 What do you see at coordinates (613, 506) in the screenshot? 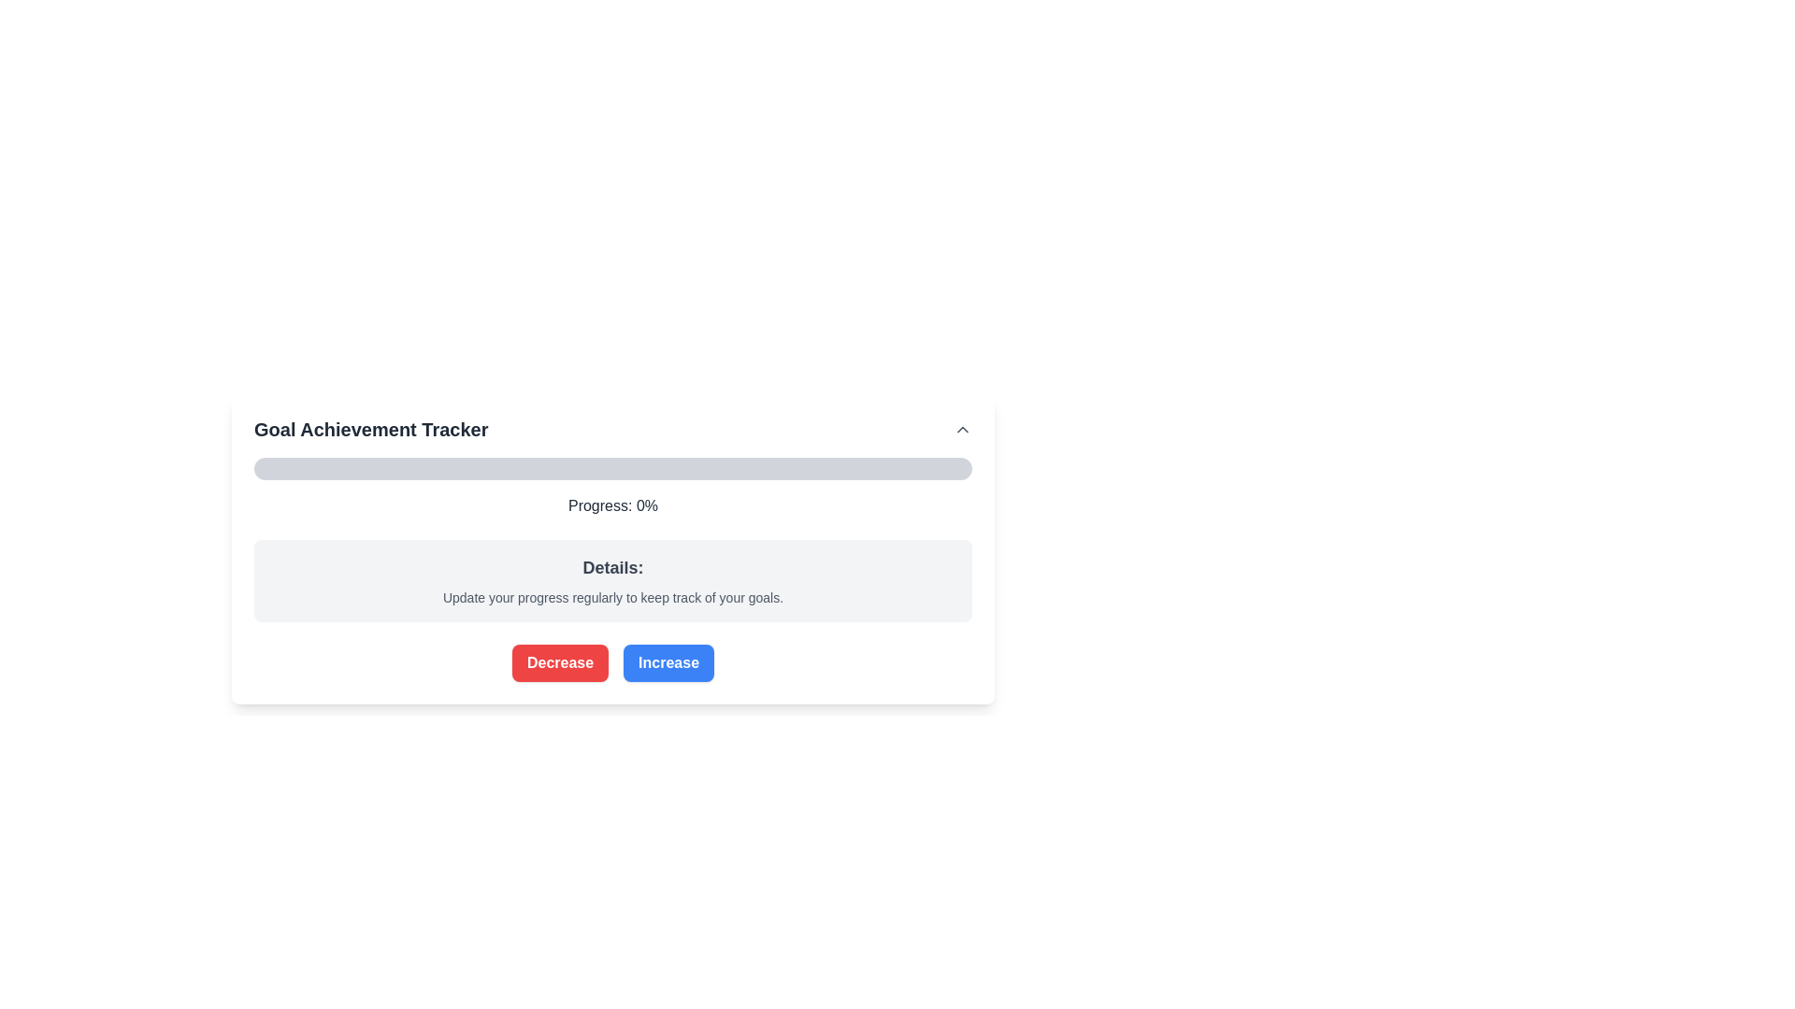
I see `the Text label that displays the current progress status of 0%, which is positioned beneath the progress bar and above the details section` at bounding box center [613, 506].